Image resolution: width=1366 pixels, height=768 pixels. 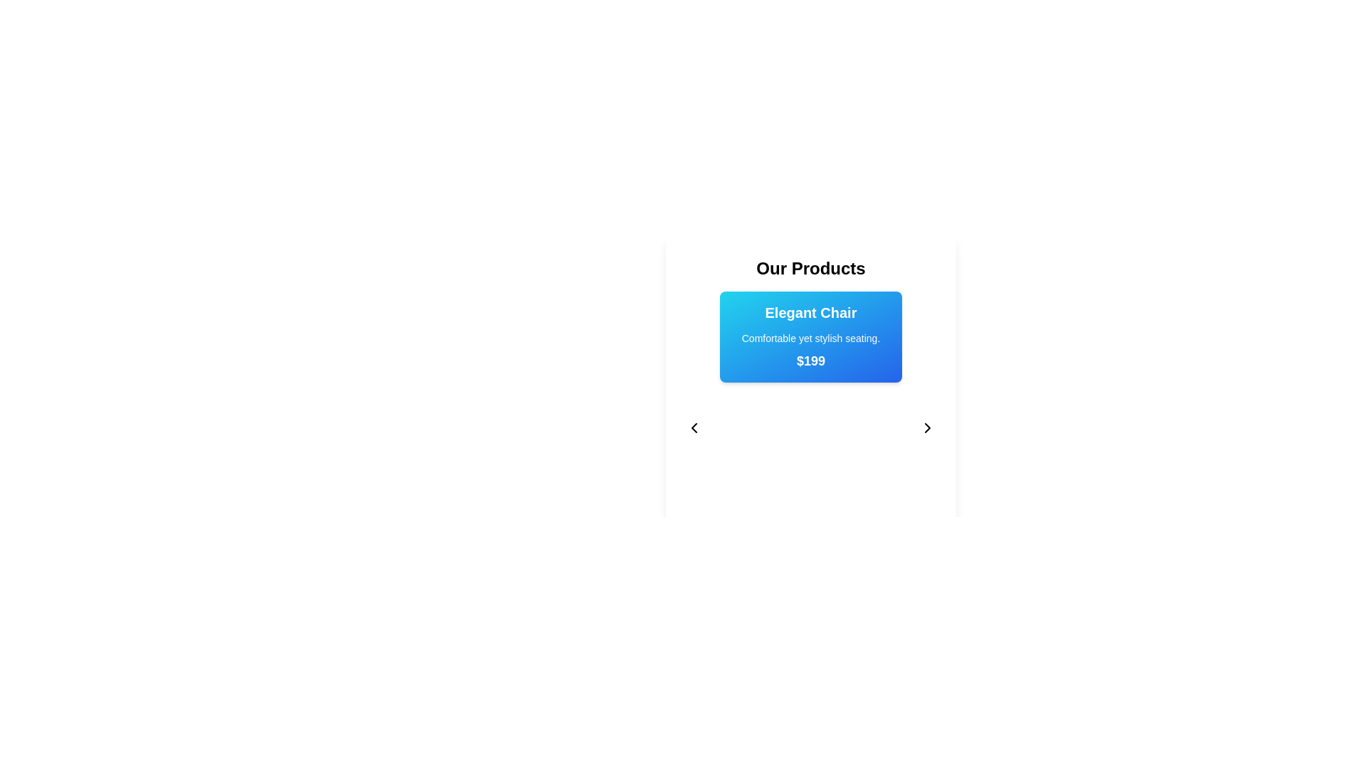 I want to click on the rightward navigation chevron located in the bottom-right corner of the navigation icons section, adjacent to the product card for the 'Elegant Chair', so click(x=928, y=427).